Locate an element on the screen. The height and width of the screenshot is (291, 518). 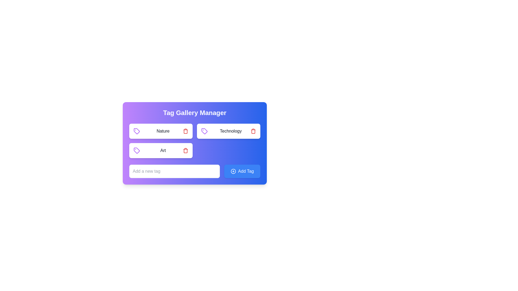
the text label displaying 'Art' in a black font, located between an icon and a red delete button within the 'Tag Gallery Manager' section is located at coordinates (163, 151).